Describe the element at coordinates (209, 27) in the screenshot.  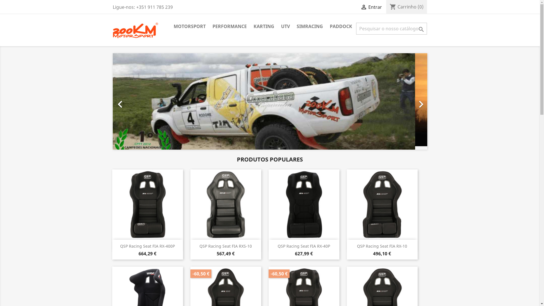
I see `'PERFORMANCE'` at that location.